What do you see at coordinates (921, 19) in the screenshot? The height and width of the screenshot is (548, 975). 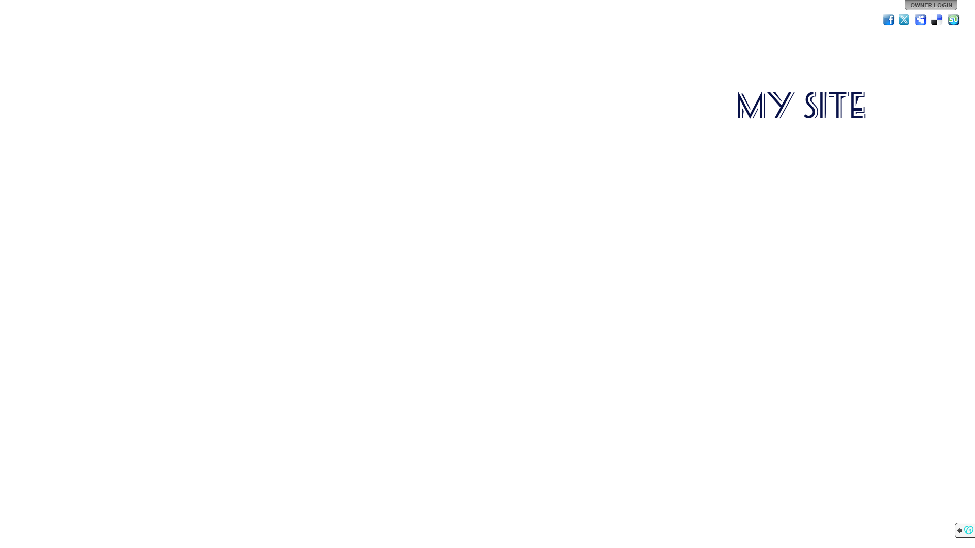 I see `'MySpace'` at bounding box center [921, 19].